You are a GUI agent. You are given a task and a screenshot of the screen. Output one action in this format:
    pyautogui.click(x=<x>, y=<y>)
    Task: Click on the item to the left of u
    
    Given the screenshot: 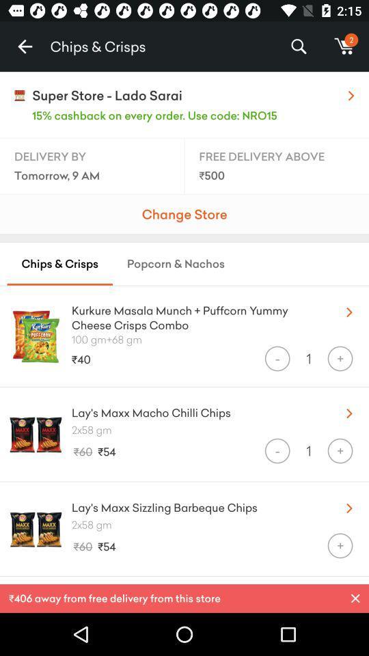 What is the action you would take?
    pyautogui.click(x=196, y=315)
    